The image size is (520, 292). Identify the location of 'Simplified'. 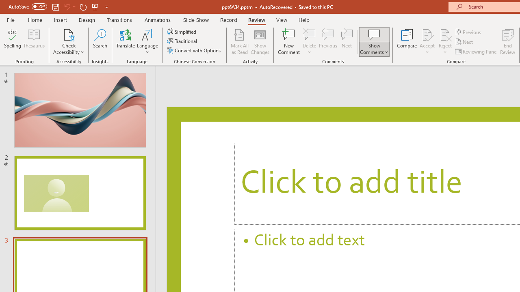
(182, 31).